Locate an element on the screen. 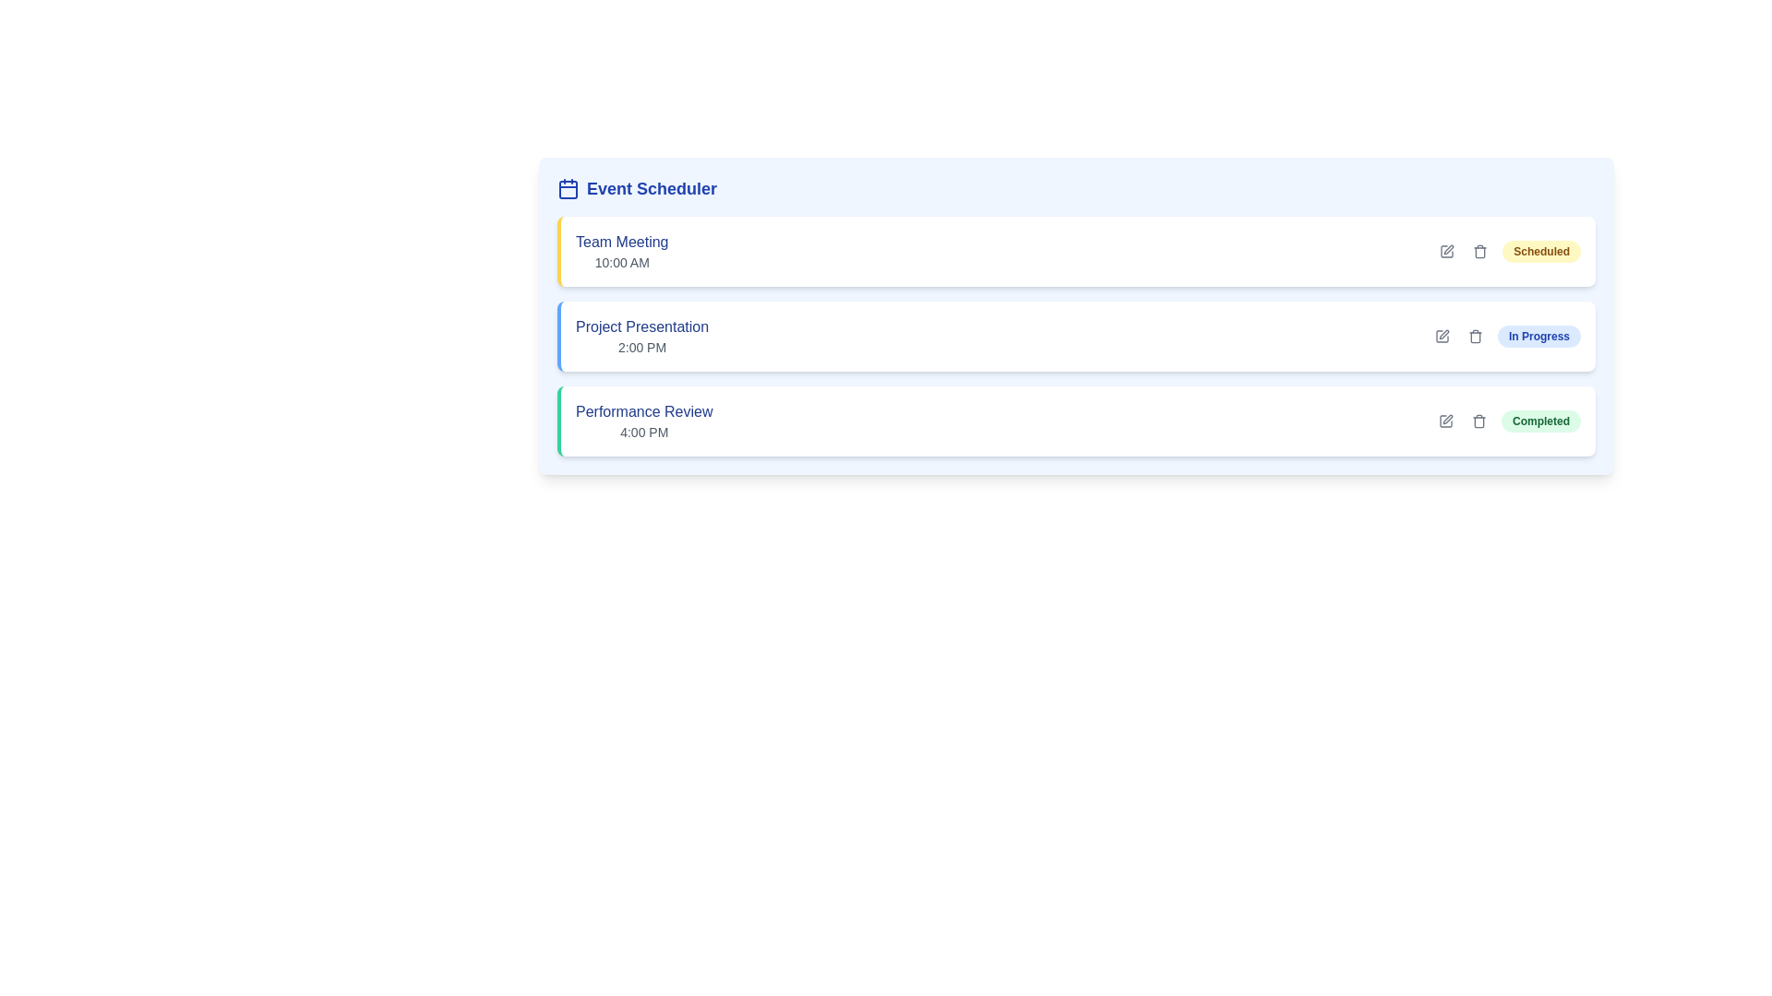 The height and width of the screenshot is (996, 1772). the text label displaying '2:00 PM', which is styled in gray color and located below the 'Project Presentation' label within the event schedule interface is located at coordinates (642, 348).